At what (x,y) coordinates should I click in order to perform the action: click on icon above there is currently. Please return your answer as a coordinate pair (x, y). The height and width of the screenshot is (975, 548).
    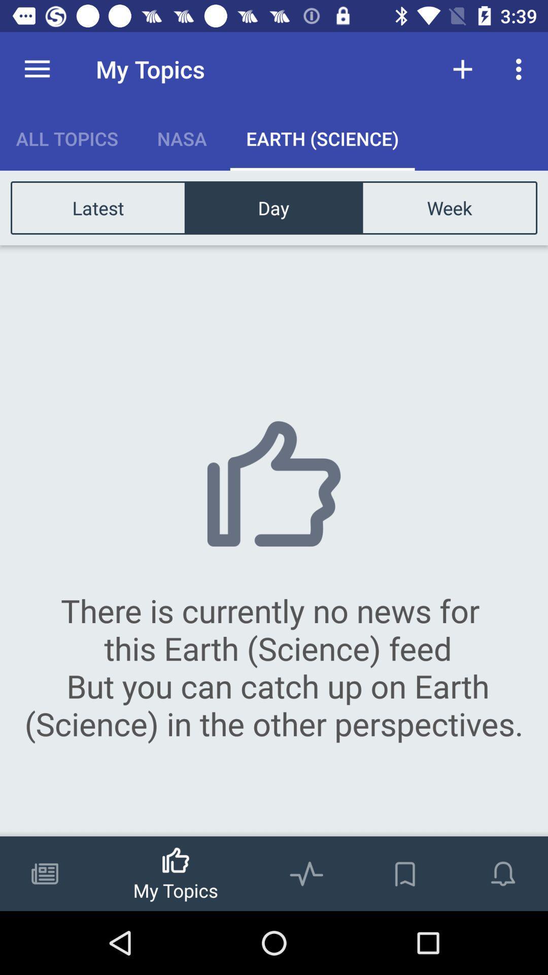
    Looking at the image, I should click on (98, 207).